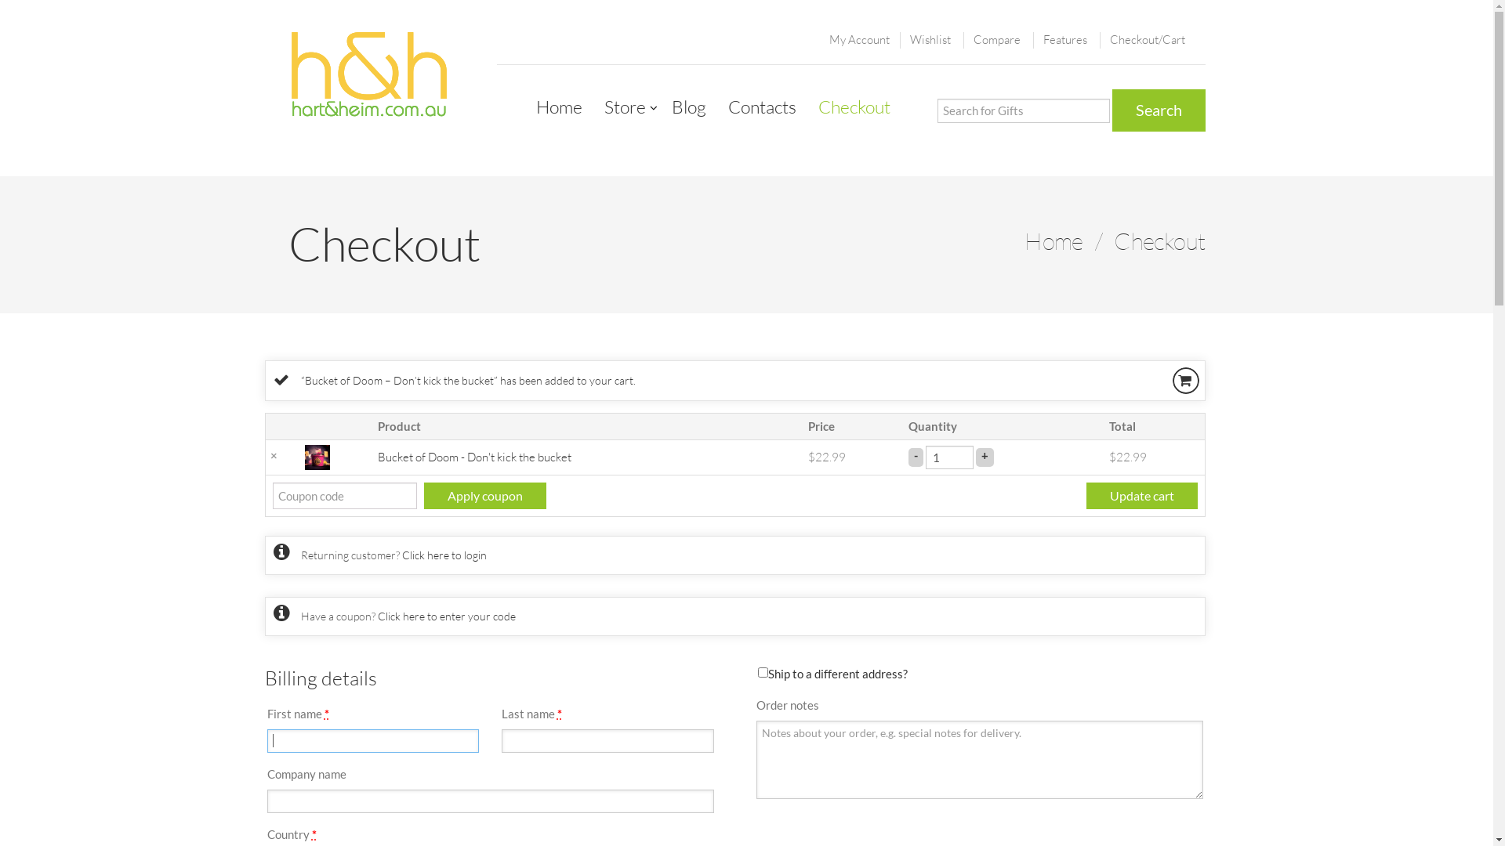  What do you see at coordinates (446, 615) in the screenshot?
I see `'Click here to enter your code'` at bounding box center [446, 615].